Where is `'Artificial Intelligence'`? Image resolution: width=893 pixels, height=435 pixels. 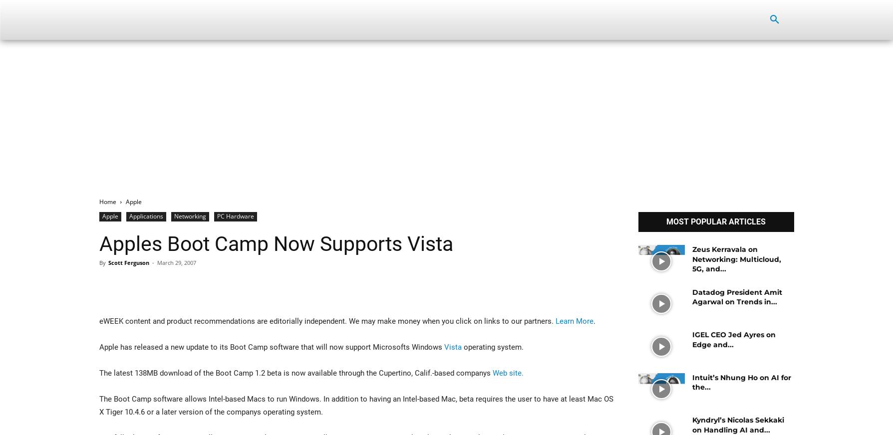
'Artificial Intelligence' is located at coordinates (351, 19).